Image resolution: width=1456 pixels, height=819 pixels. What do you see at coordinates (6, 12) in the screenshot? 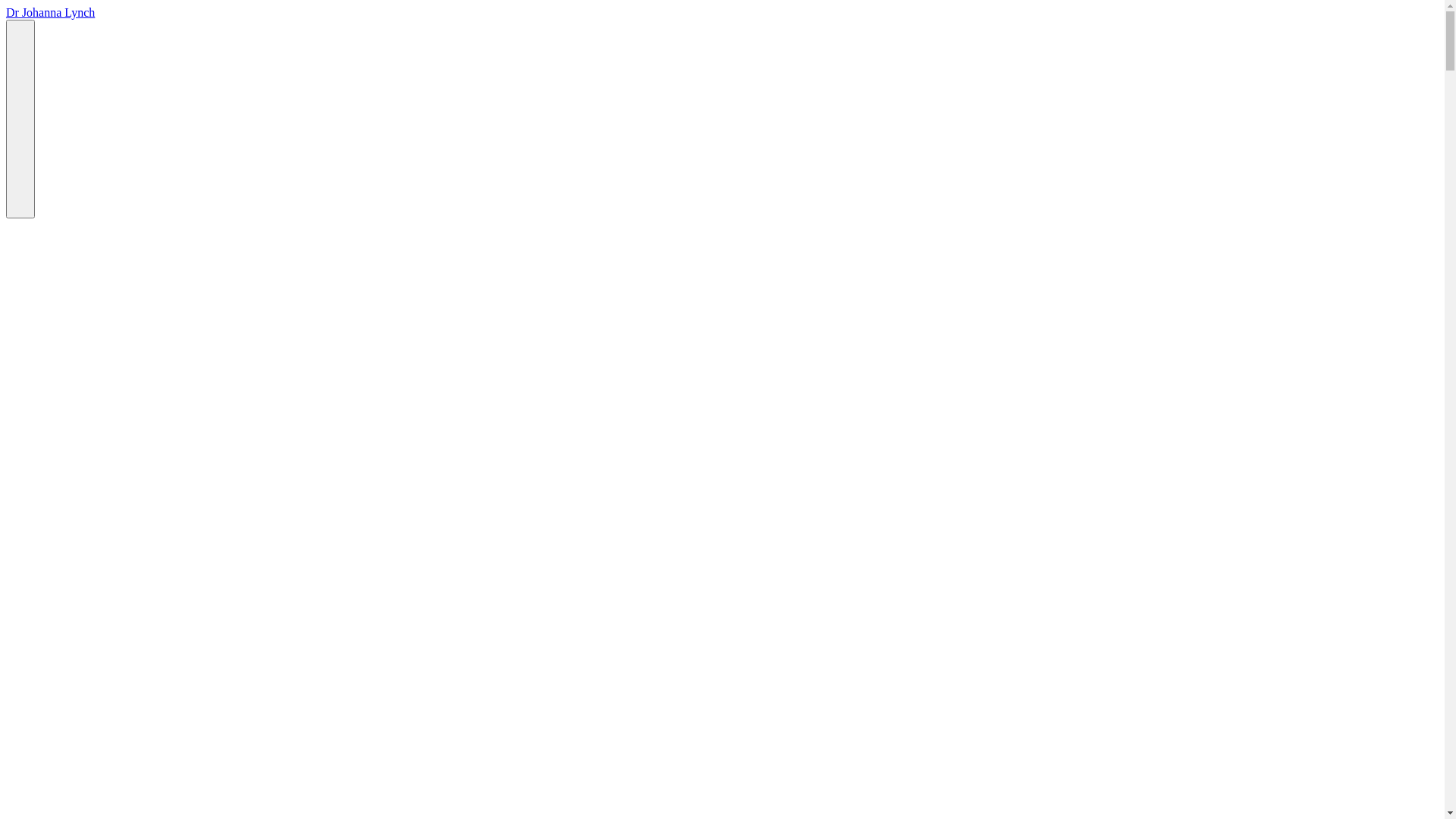
I see `'Dr Johanna Lynch'` at bounding box center [6, 12].